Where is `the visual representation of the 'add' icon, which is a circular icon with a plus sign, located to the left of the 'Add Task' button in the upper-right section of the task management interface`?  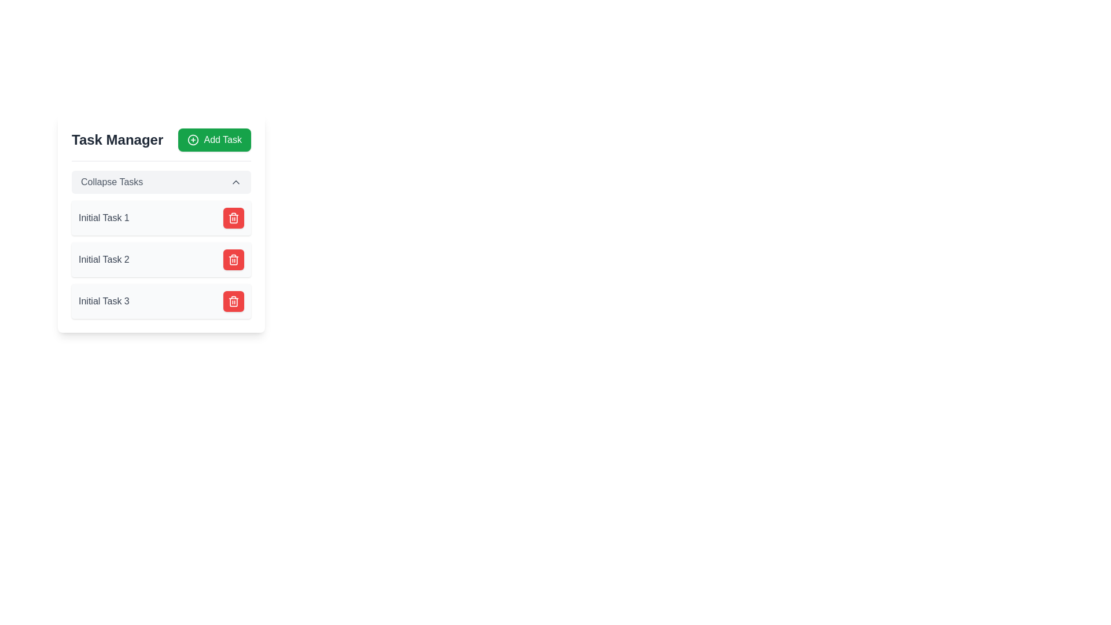
the visual representation of the 'add' icon, which is a circular icon with a plus sign, located to the left of the 'Add Task' button in the upper-right section of the task management interface is located at coordinates (193, 139).